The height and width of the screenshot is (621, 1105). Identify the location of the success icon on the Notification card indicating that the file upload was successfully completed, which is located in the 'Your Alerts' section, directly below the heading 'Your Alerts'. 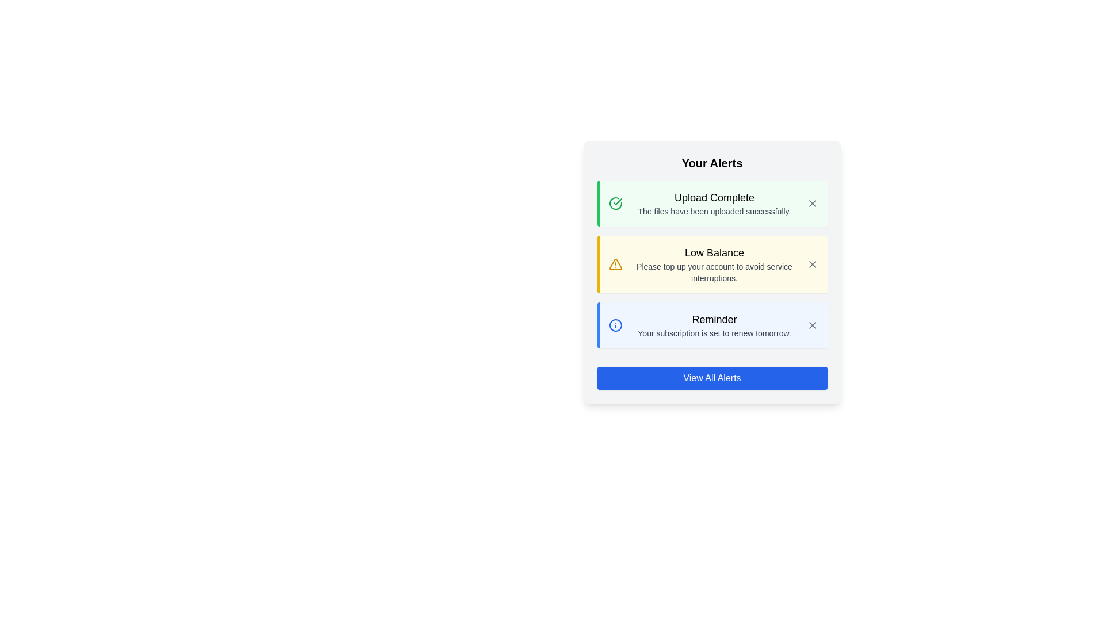
(711, 203).